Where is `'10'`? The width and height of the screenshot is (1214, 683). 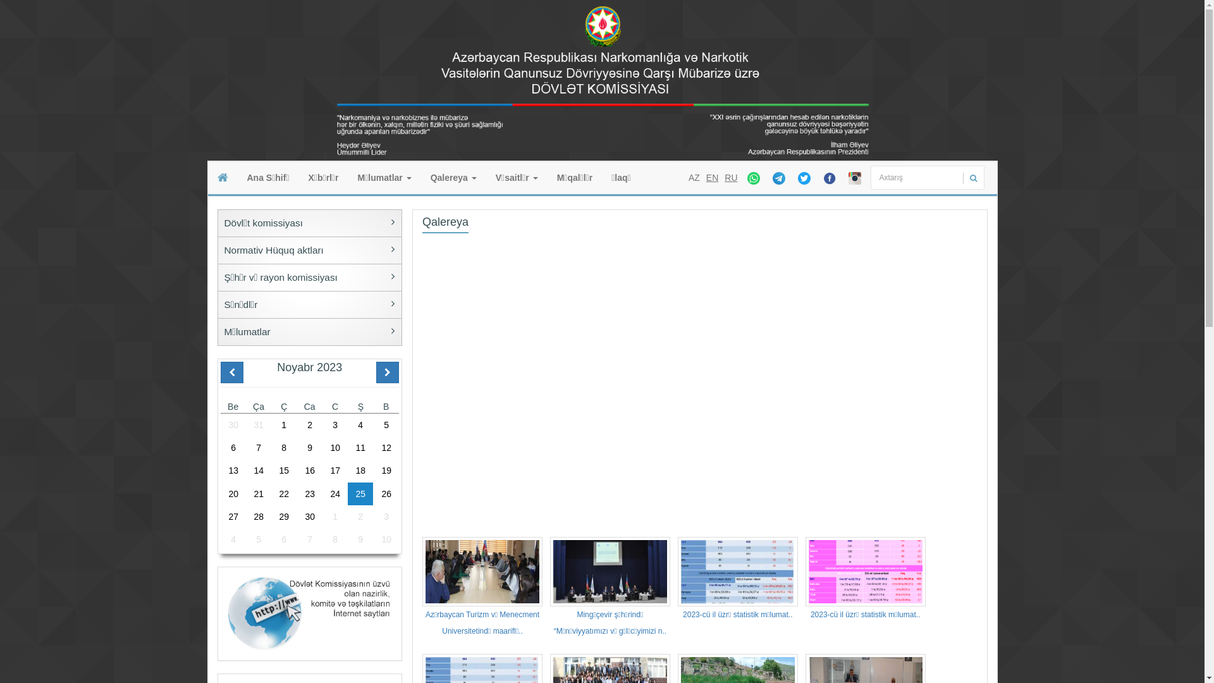 '10' is located at coordinates (385, 539).